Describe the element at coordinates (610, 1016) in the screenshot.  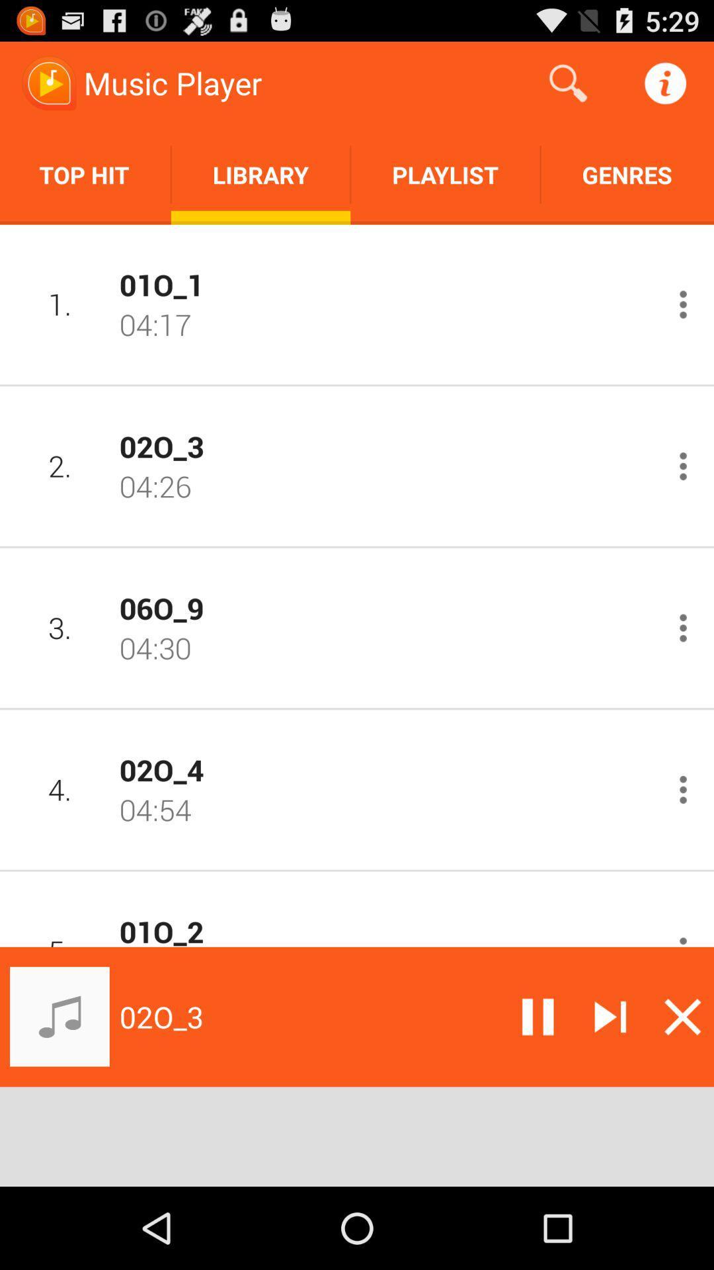
I see `song` at that location.